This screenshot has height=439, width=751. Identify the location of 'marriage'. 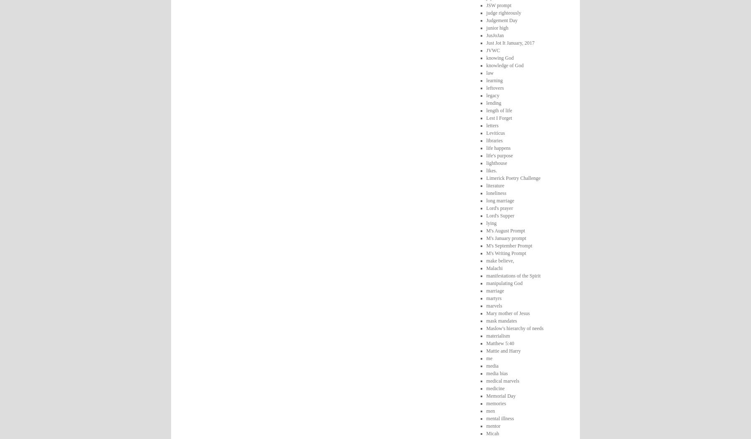
(494, 290).